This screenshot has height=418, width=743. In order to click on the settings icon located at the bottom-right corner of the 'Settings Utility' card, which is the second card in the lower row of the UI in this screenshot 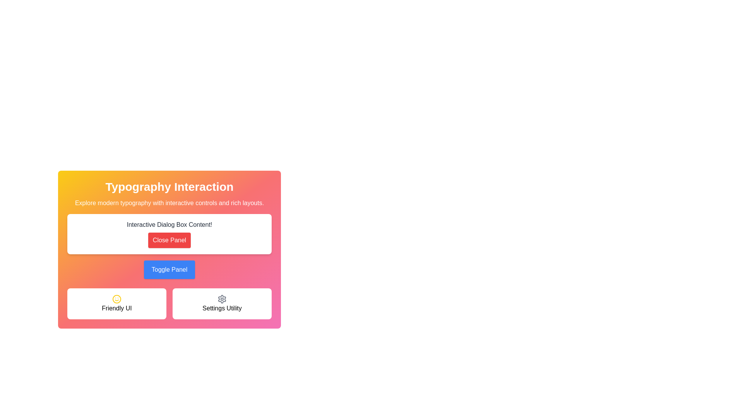, I will do `click(222, 298)`.